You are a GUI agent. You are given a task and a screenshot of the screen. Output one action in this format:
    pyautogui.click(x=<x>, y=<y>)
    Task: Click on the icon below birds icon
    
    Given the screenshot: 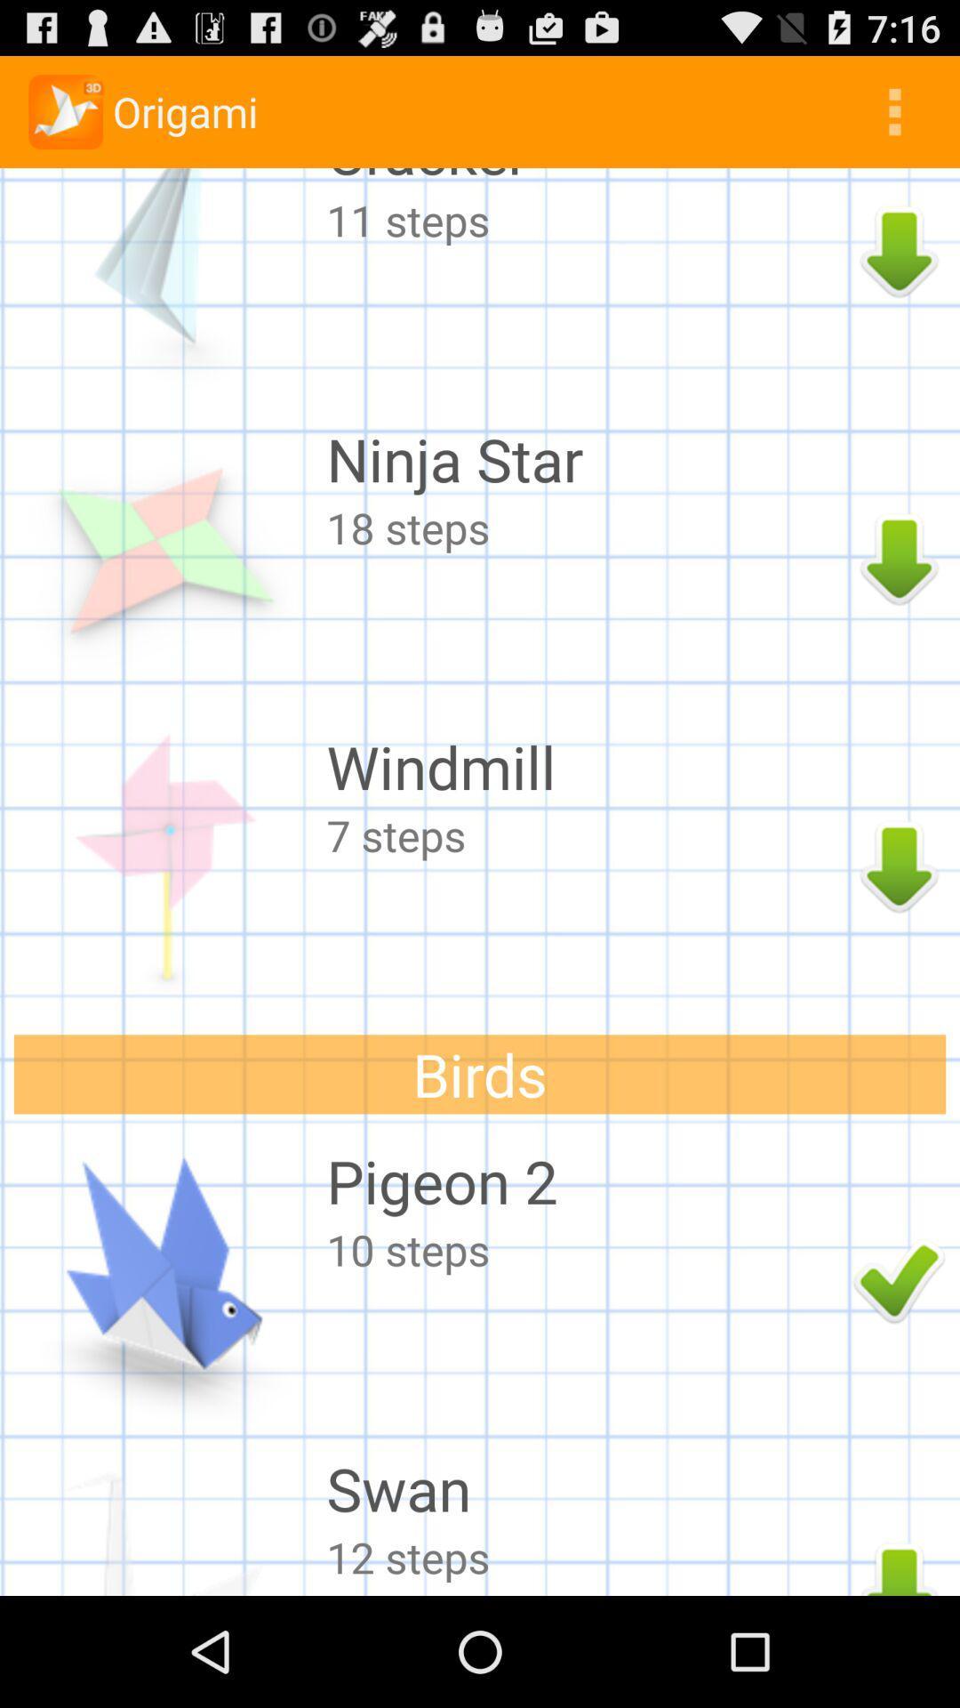 What is the action you would take?
    pyautogui.click(x=585, y=1180)
    